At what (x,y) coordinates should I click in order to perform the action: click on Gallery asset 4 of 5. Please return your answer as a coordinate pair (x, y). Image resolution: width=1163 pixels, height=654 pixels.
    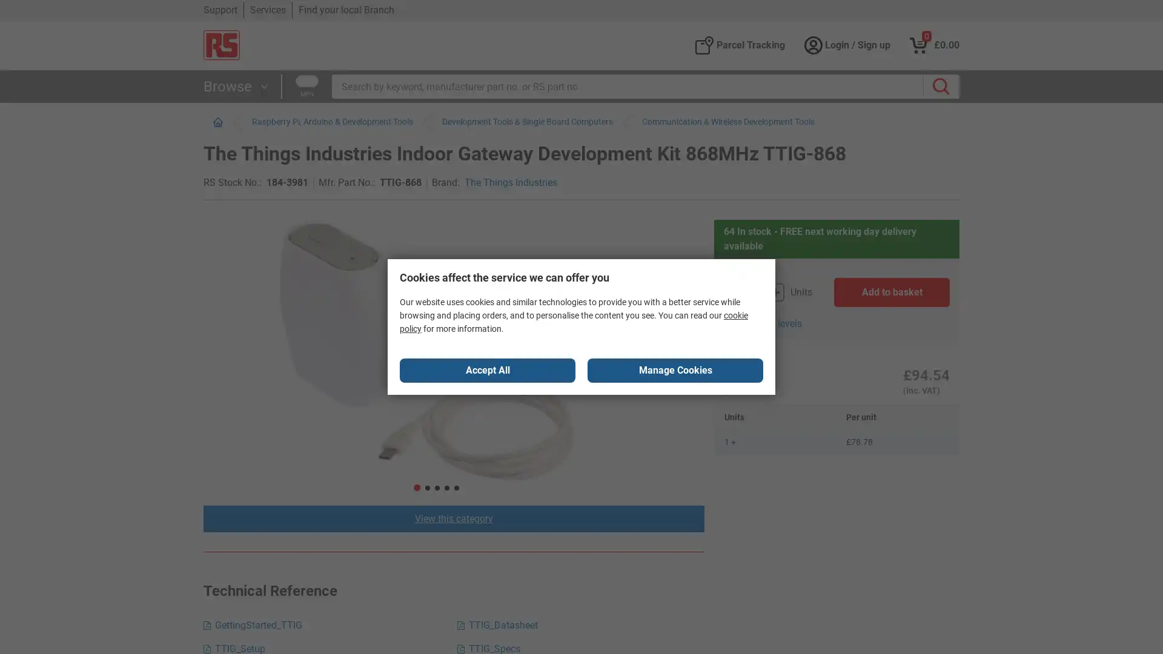
    Looking at the image, I should click on (489, 340).